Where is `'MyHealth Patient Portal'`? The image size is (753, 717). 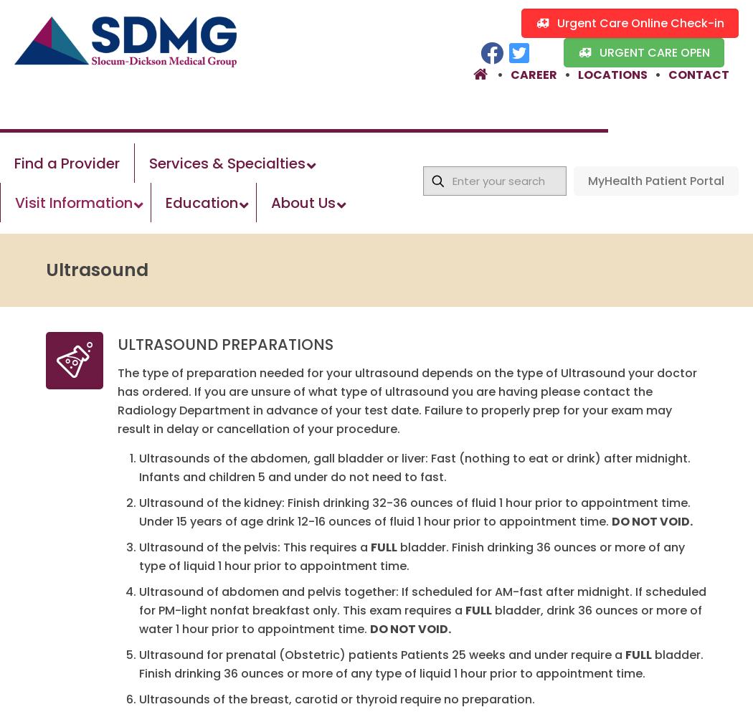
'MyHealth Patient Portal' is located at coordinates (655, 181).